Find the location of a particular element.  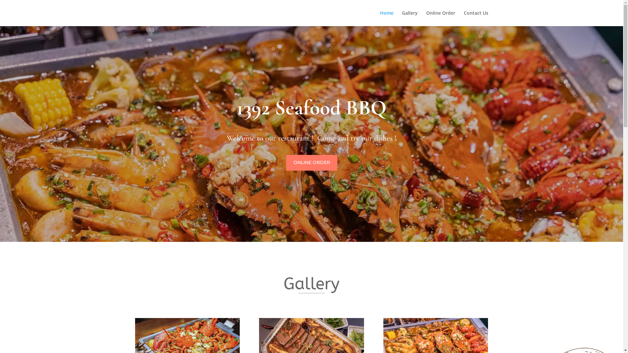

'Gallery' is located at coordinates (409, 18).